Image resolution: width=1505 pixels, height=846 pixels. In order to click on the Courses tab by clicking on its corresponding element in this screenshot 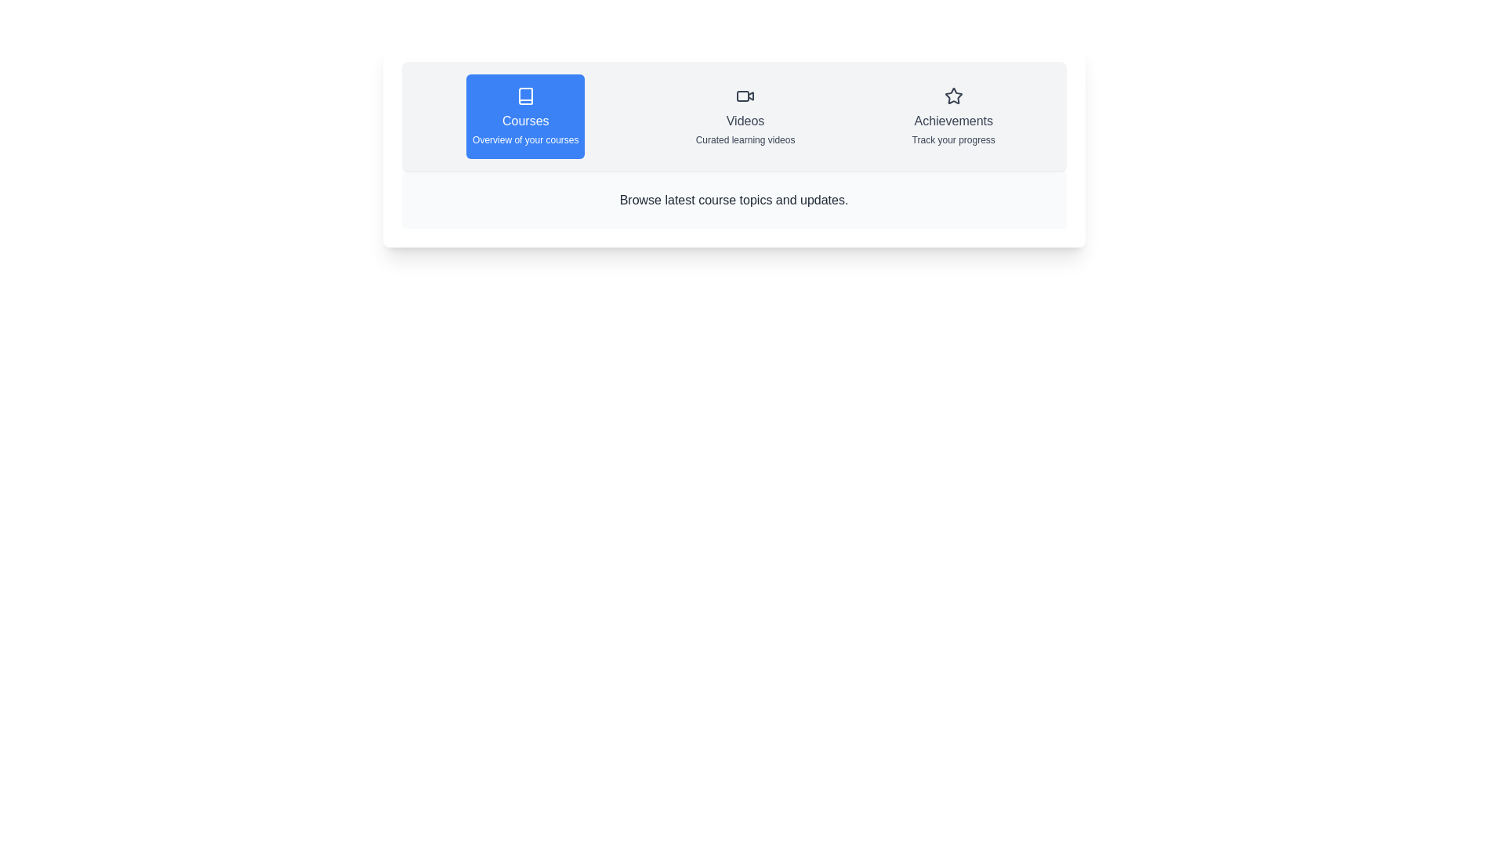, I will do `click(525, 116)`.